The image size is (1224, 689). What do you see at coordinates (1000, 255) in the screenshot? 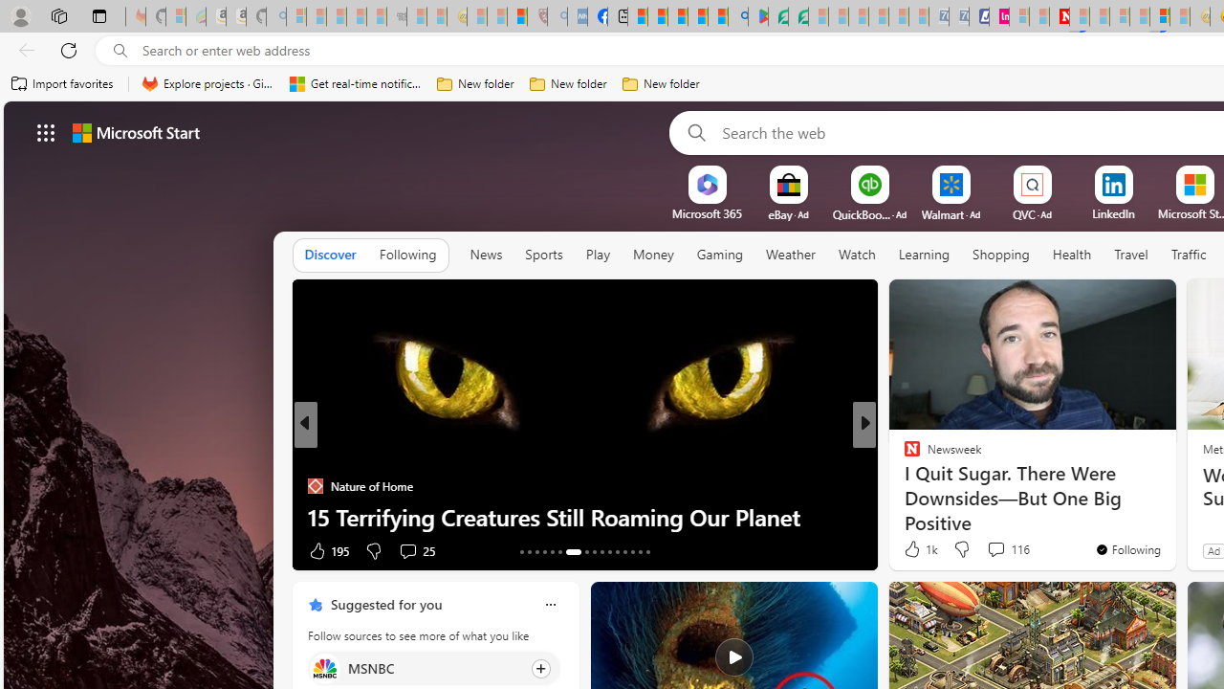
I see `'Shopping'` at bounding box center [1000, 255].